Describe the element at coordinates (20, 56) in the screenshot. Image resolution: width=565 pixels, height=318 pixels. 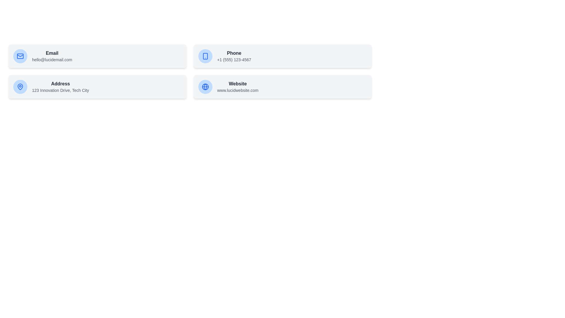
I see `the circular button-like icon with a light blue background and a mail symbol, positioned within the contact information card labeled 'Email'` at that location.